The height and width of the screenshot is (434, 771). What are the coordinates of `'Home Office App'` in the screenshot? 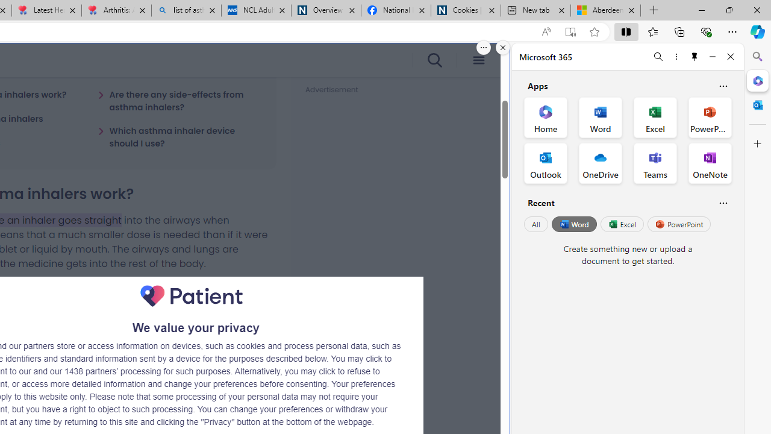 It's located at (545, 118).